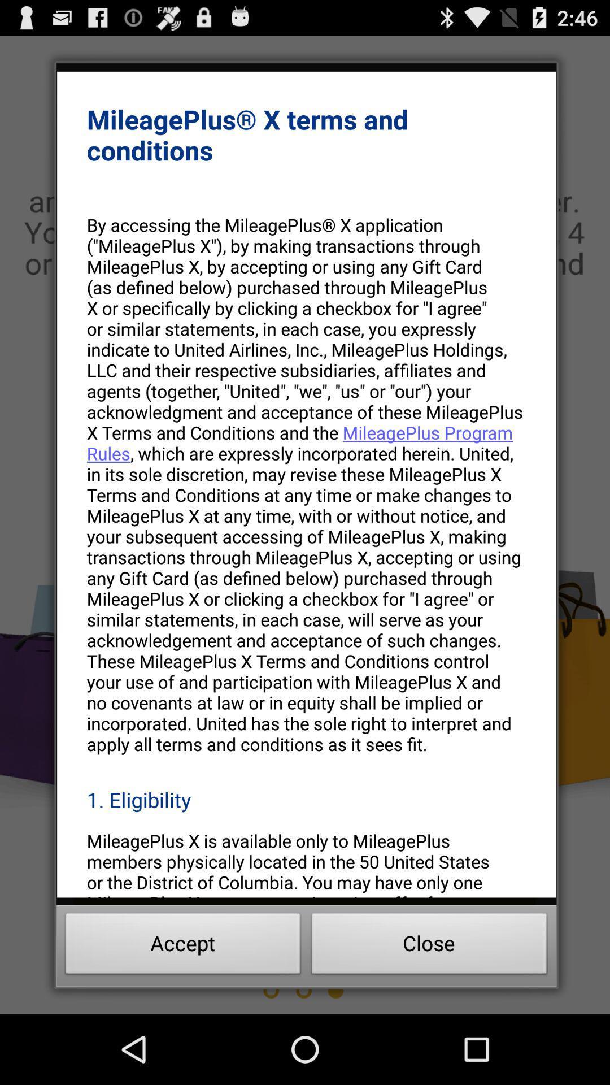 The width and height of the screenshot is (610, 1085). Describe the element at coordinates (429, 947) in the screenshot. I see `the close icon` at that location.